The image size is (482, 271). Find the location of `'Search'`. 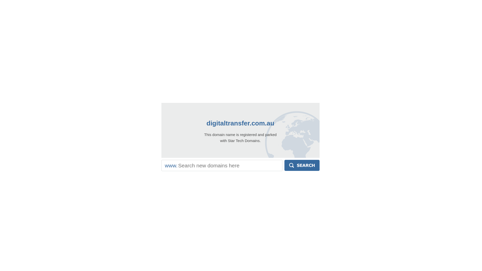

'Search' is located at coordinates (302, 165).